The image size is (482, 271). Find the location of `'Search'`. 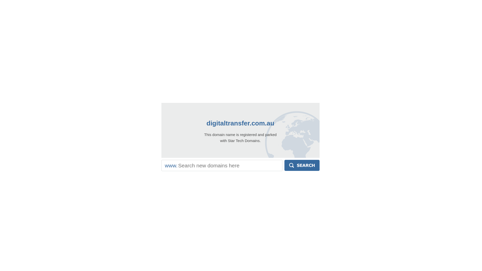

'Search' is located at coordinates (302, 165).